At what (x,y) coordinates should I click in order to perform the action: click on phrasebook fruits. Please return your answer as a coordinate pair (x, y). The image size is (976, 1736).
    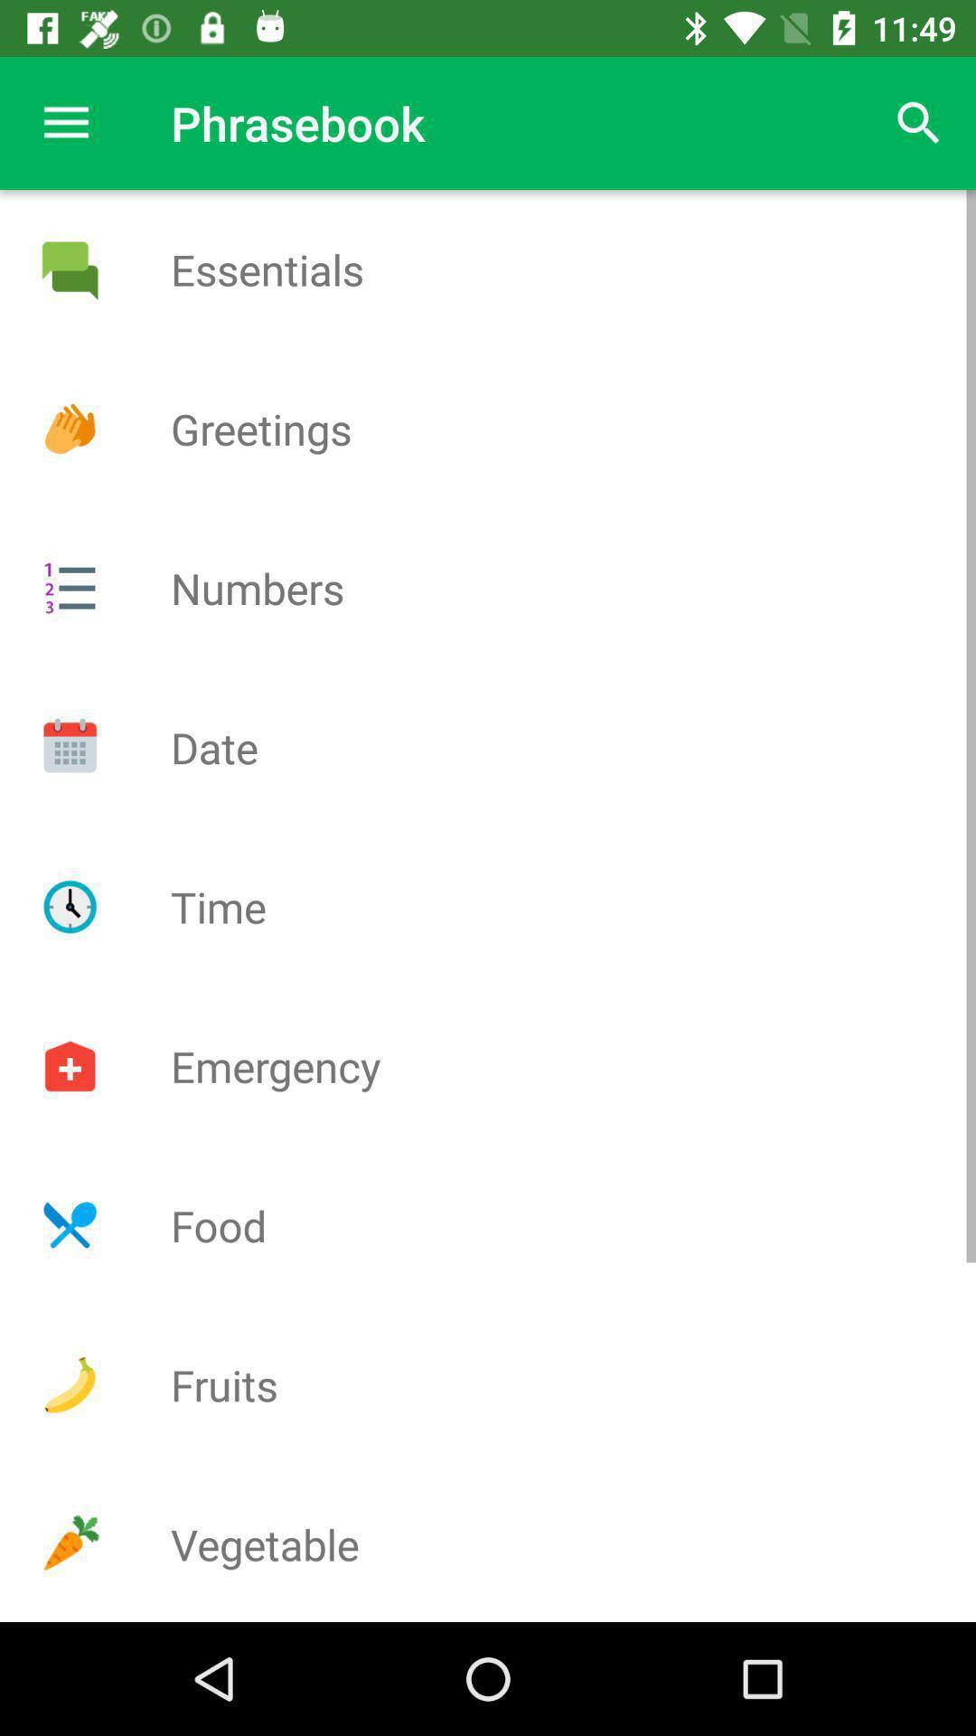
    Looking at the image, I should click on (69, 1383).